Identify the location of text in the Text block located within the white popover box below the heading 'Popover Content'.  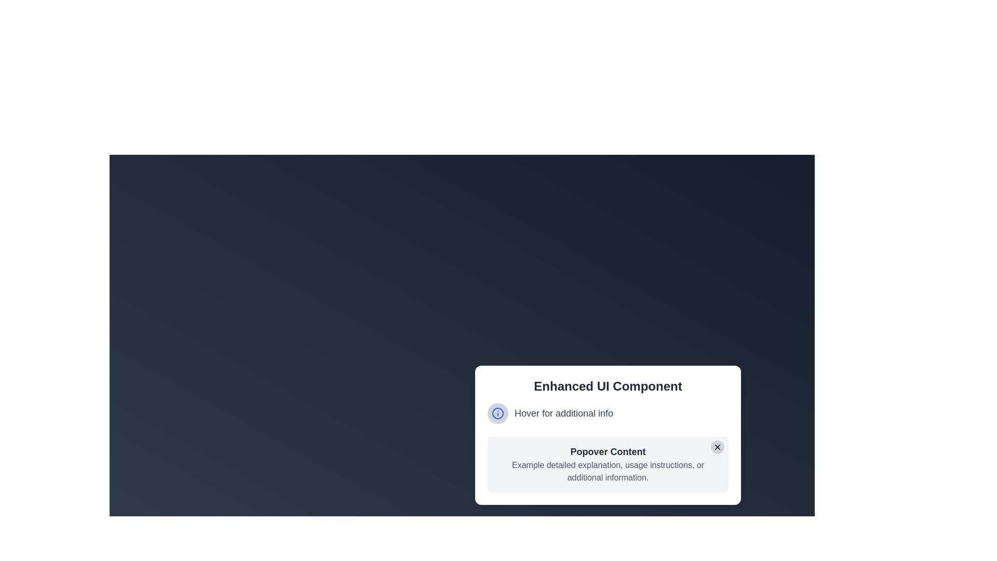
(608, 471).